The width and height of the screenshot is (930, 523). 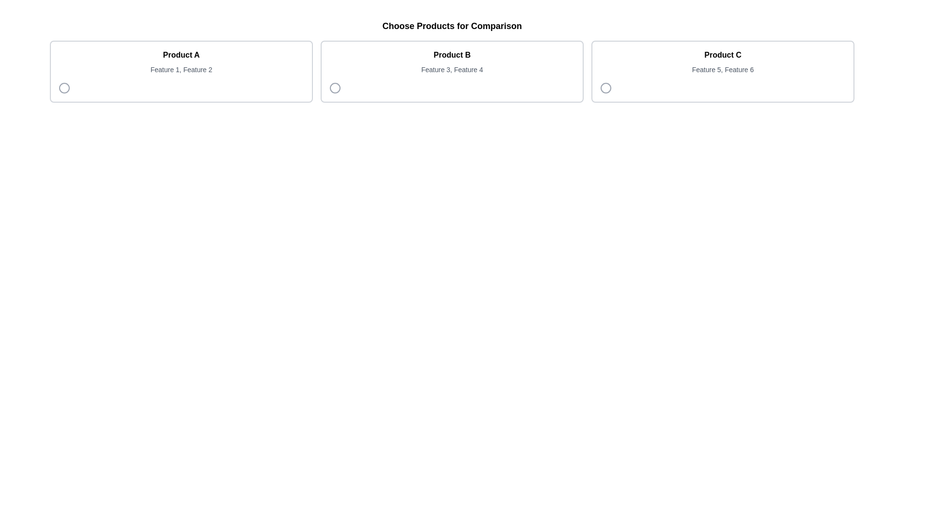 What do you see at coordinates (335, 88) in the screenshot?
I see `the circular checkbox styled icon located at the bottom-left corner of the card containing 'Product B' and 'Feature 3, Feature 4'` at bounding box center [335, 88].